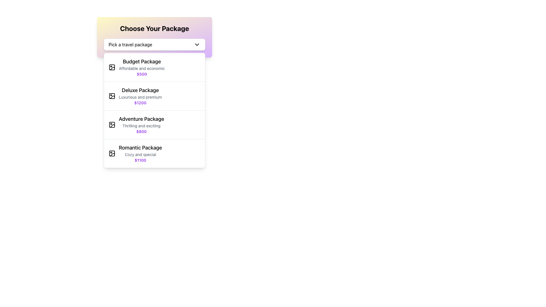 This screenshot has height=307, width=546. I want to click on the price text '$1100' which is styled in bold purple font, located at the bottom of the 'Romantic Package' section, beneath 'Cozy and special', so click(140, 160).